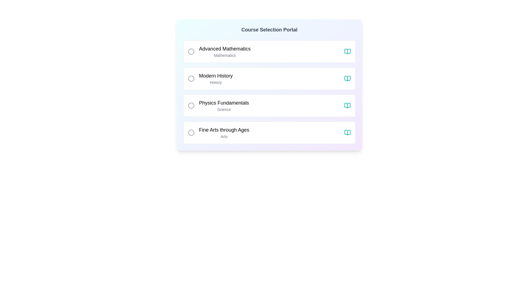  What do you see at coordinates (218, 133) in the screenshot?
I see `the last selectable option with a radio button labeled 'Fine Arts through Ages'` at bounding box center [218, 133].